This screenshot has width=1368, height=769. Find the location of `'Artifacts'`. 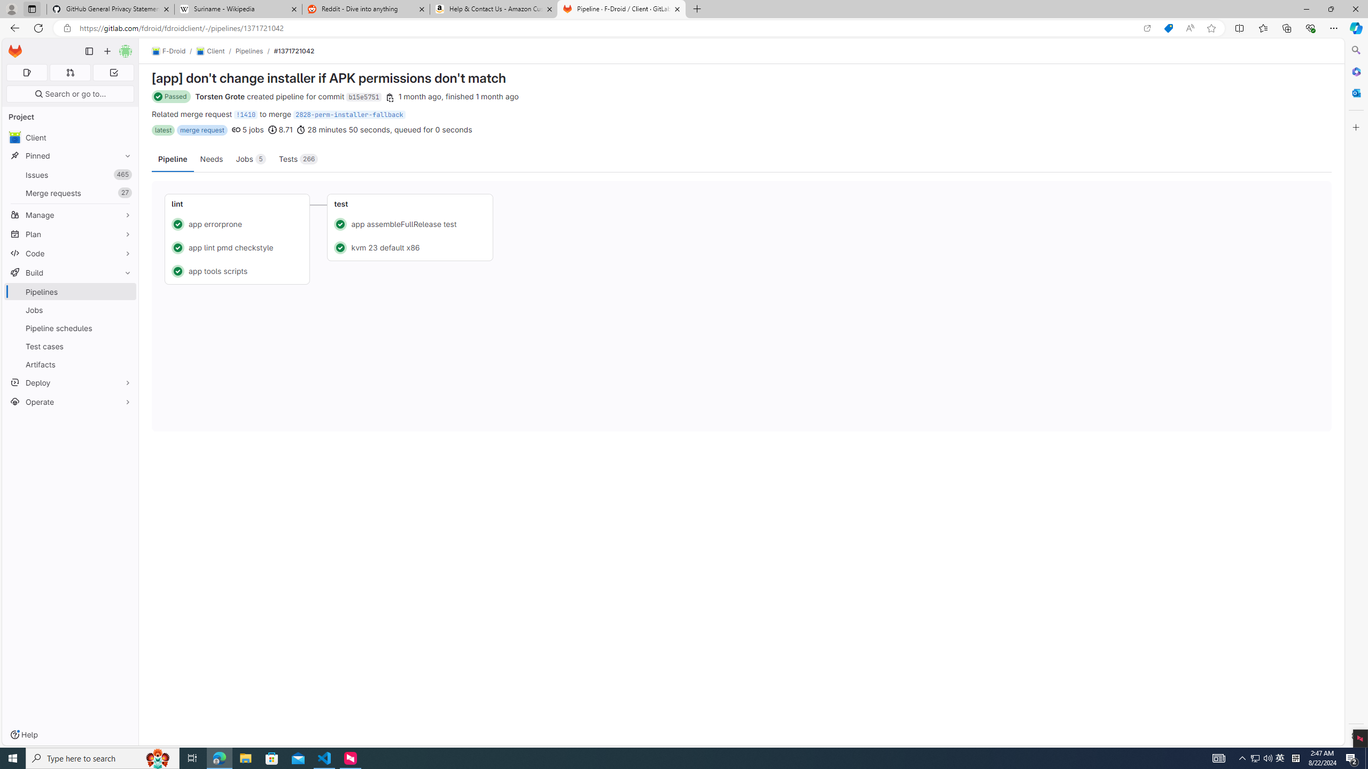

'Artifacts' is located at coordinates (69, 364).